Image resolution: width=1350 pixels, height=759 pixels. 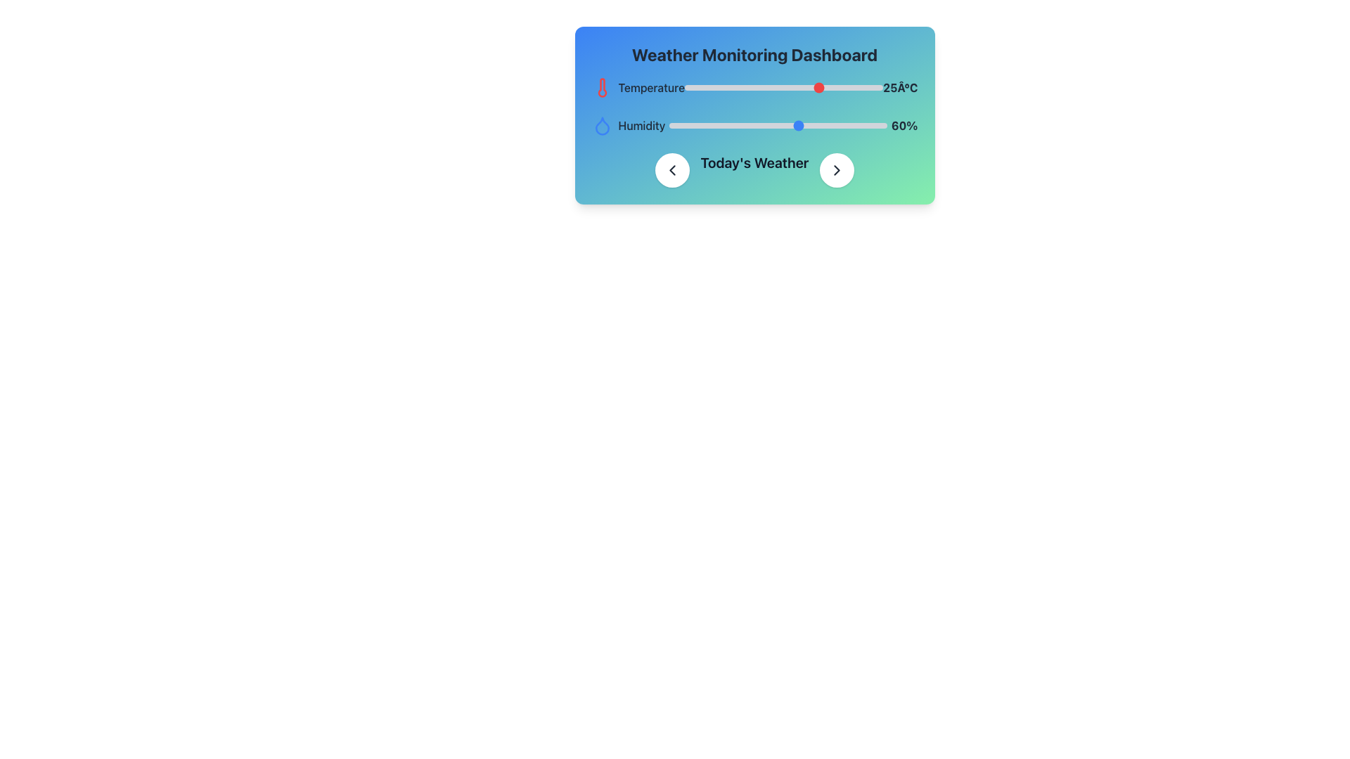 What do you see at coordinates (687, 124) in the screenshot?
I see `humidity` at bounding box center [687, 124].